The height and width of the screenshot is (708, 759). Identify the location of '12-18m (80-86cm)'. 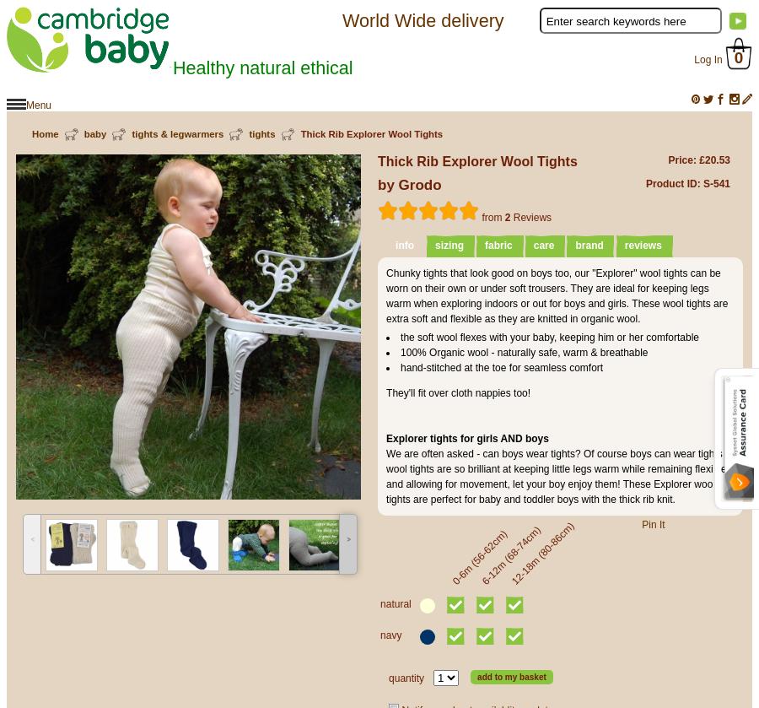
(541, 553).